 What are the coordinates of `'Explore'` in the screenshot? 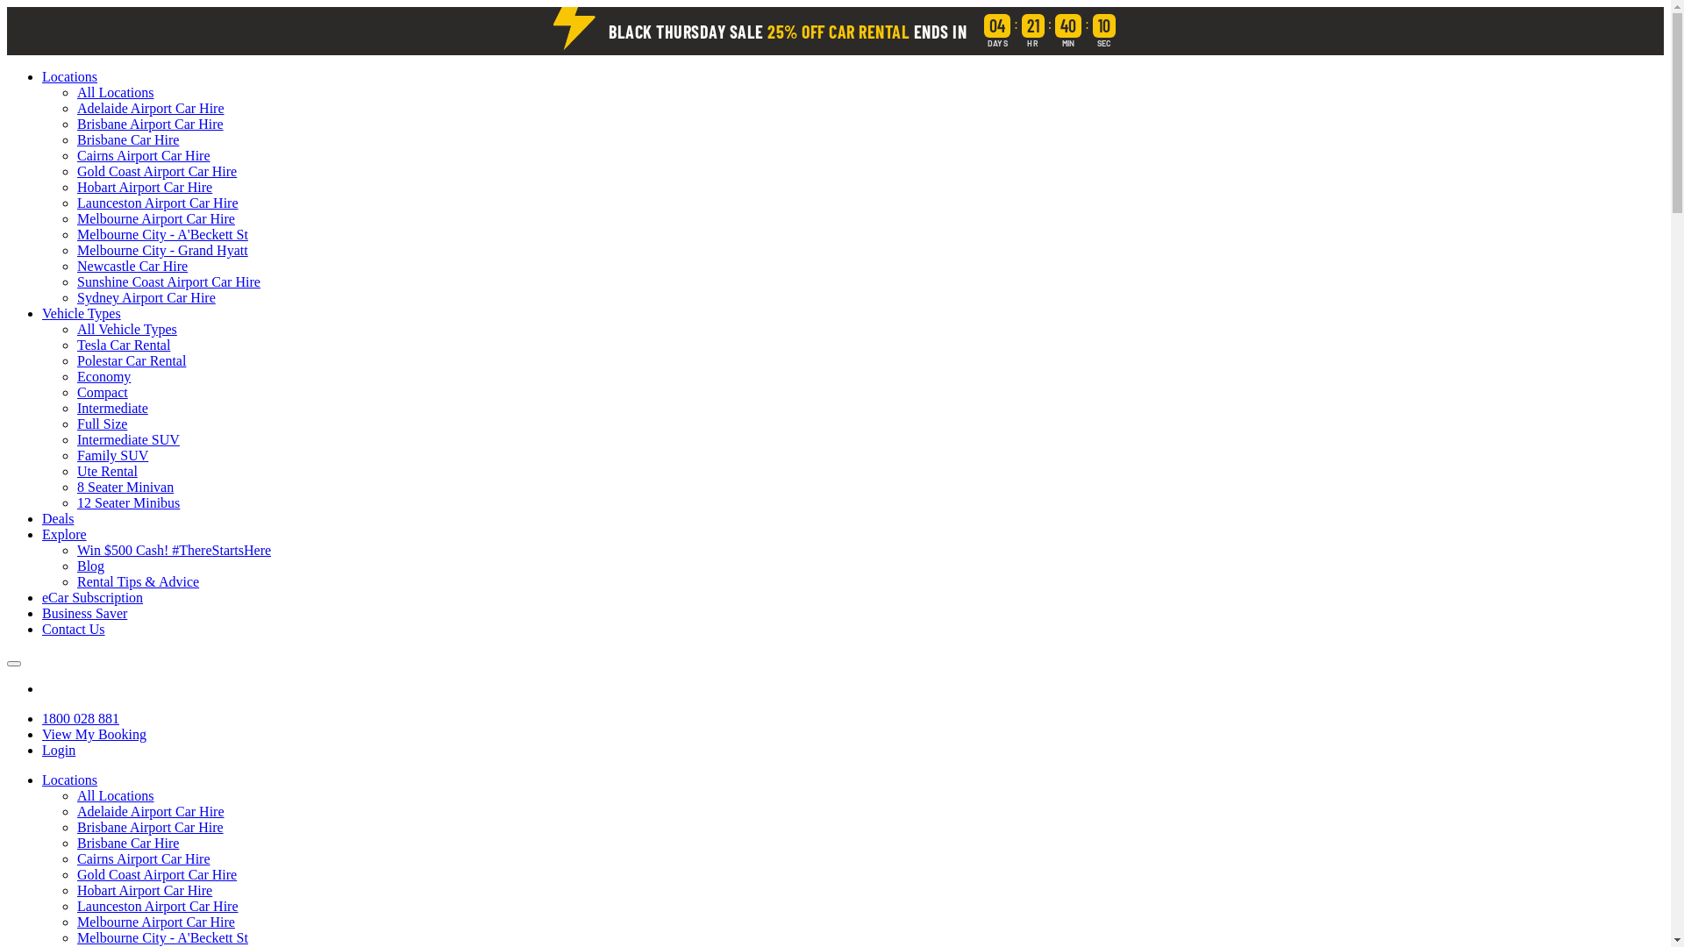 It's located at (64, 533).